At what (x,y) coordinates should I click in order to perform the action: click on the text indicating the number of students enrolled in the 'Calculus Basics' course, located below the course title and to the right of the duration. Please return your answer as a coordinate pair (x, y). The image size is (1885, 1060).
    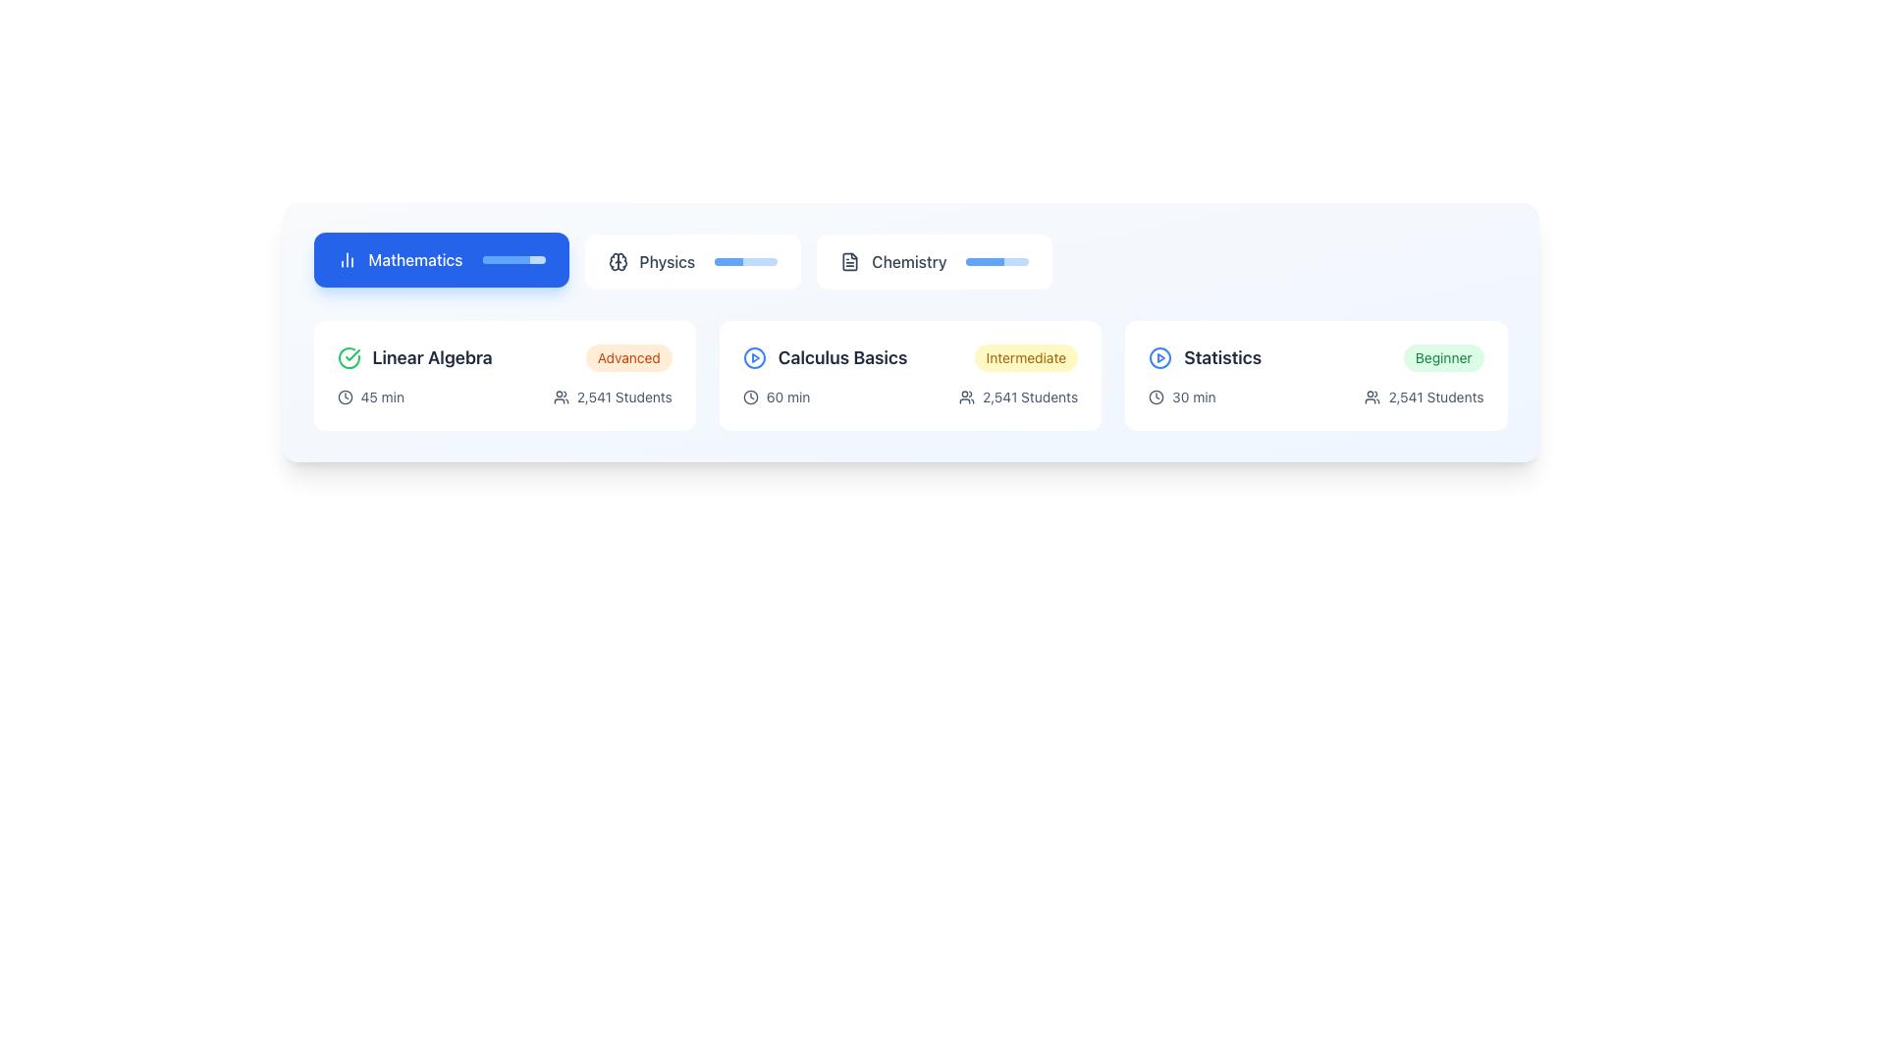
    Looking at the image, I should click on (1018, 397).